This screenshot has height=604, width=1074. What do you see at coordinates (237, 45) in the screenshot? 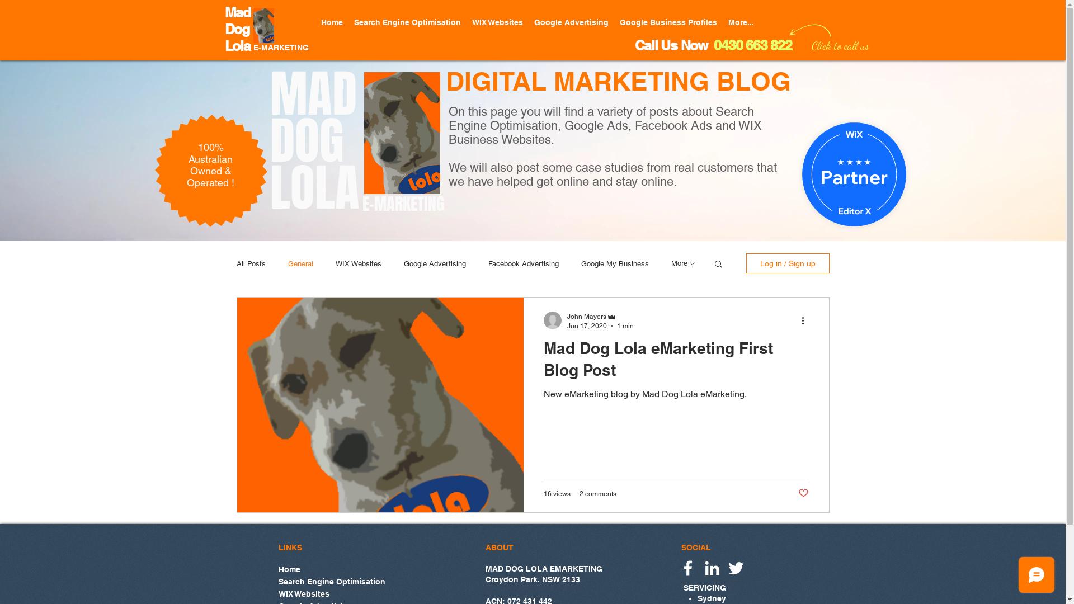
I see `'Lola'` at bounding box center [237, 45].